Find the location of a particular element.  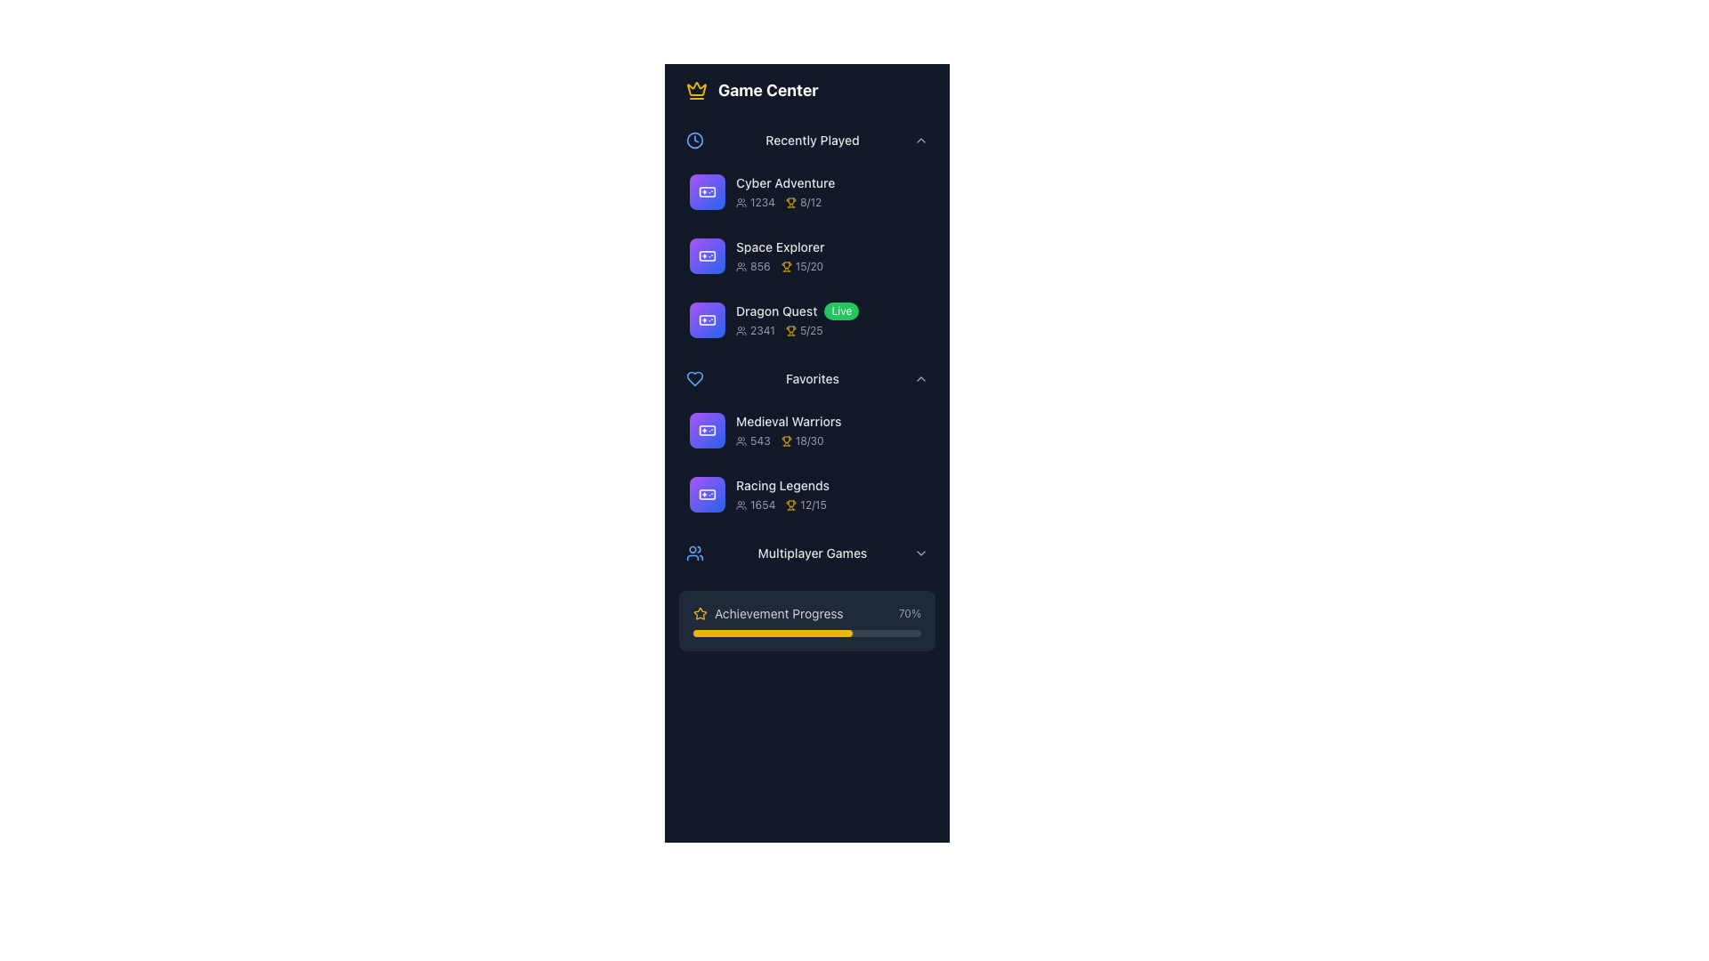

the downward-facing chevron icon next to the 'Favorites' text to quickly toggle the state of the section is located at coordinates (921, 377).